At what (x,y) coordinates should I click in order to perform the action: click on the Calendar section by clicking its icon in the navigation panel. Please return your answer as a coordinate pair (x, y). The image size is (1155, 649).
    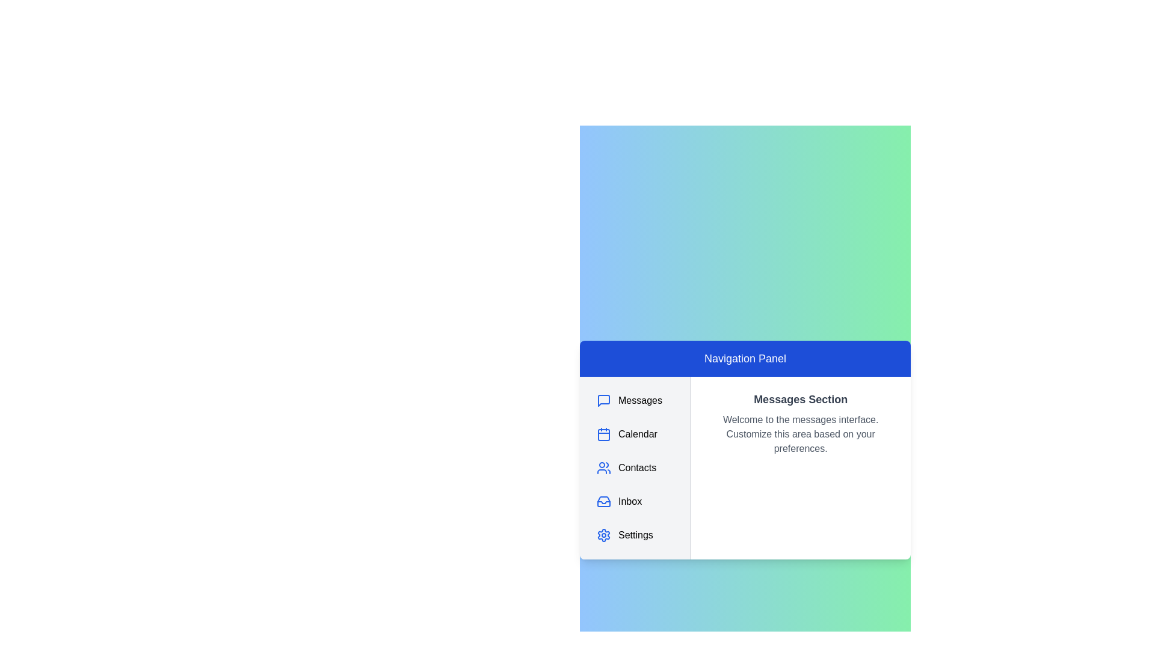
    Looking at the image, I should click on (603, 434).